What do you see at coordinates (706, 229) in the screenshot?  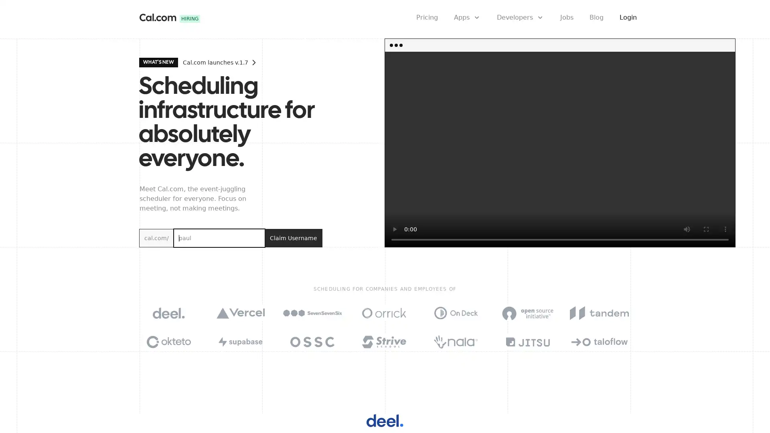 I see `enter full screen` at bounding box center [706, 229].